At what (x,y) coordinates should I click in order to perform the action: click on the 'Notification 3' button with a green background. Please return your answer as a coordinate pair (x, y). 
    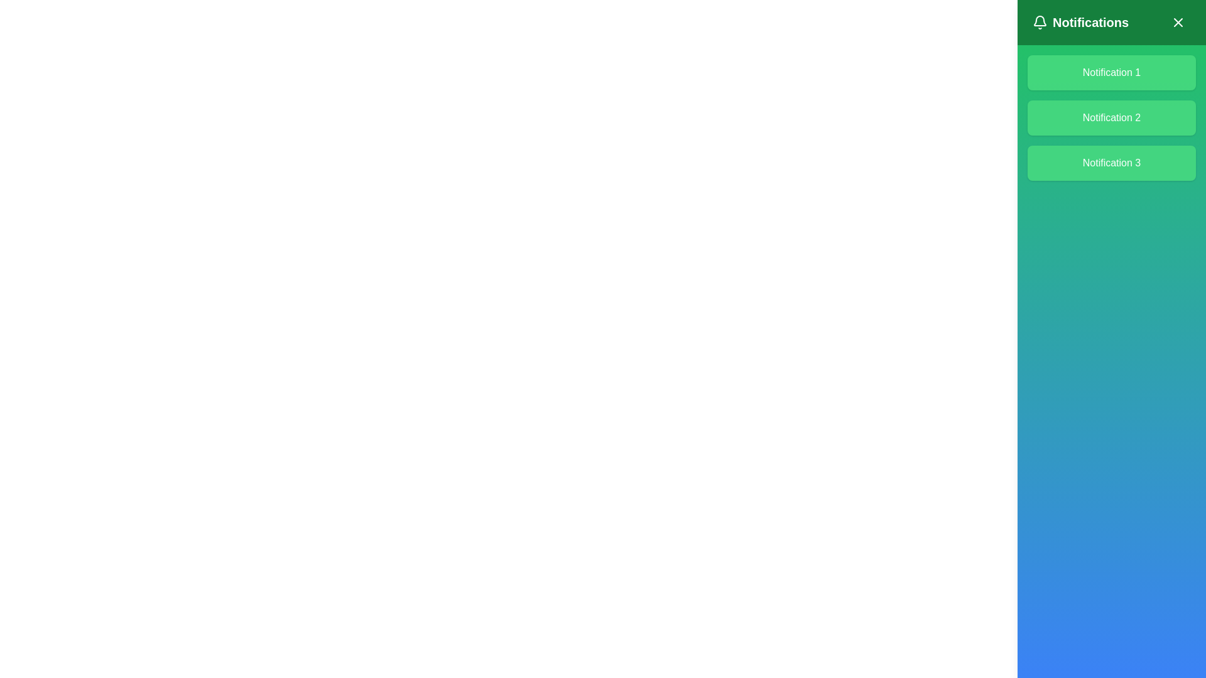
    Looking at the image, I should click on (1112, 162).